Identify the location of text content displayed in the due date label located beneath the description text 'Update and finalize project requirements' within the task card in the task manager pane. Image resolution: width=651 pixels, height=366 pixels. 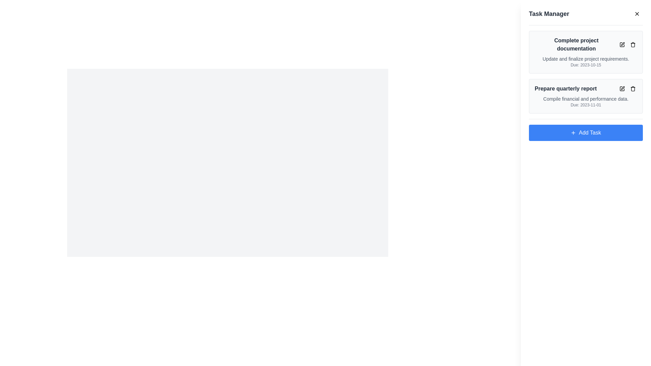
(586, 65).